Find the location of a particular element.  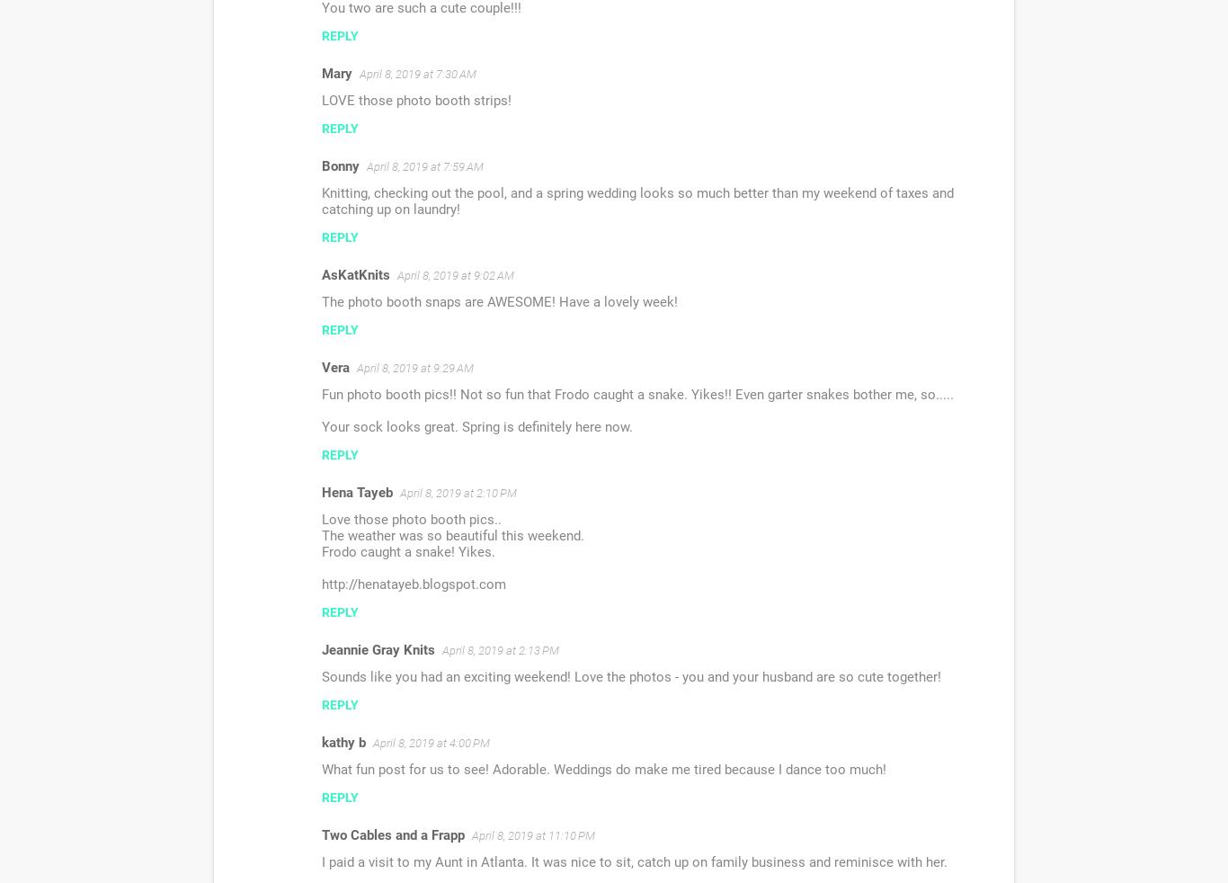

'Your sock looks great.  Spring is definitely here now.' is located at coordinates (476, 426).